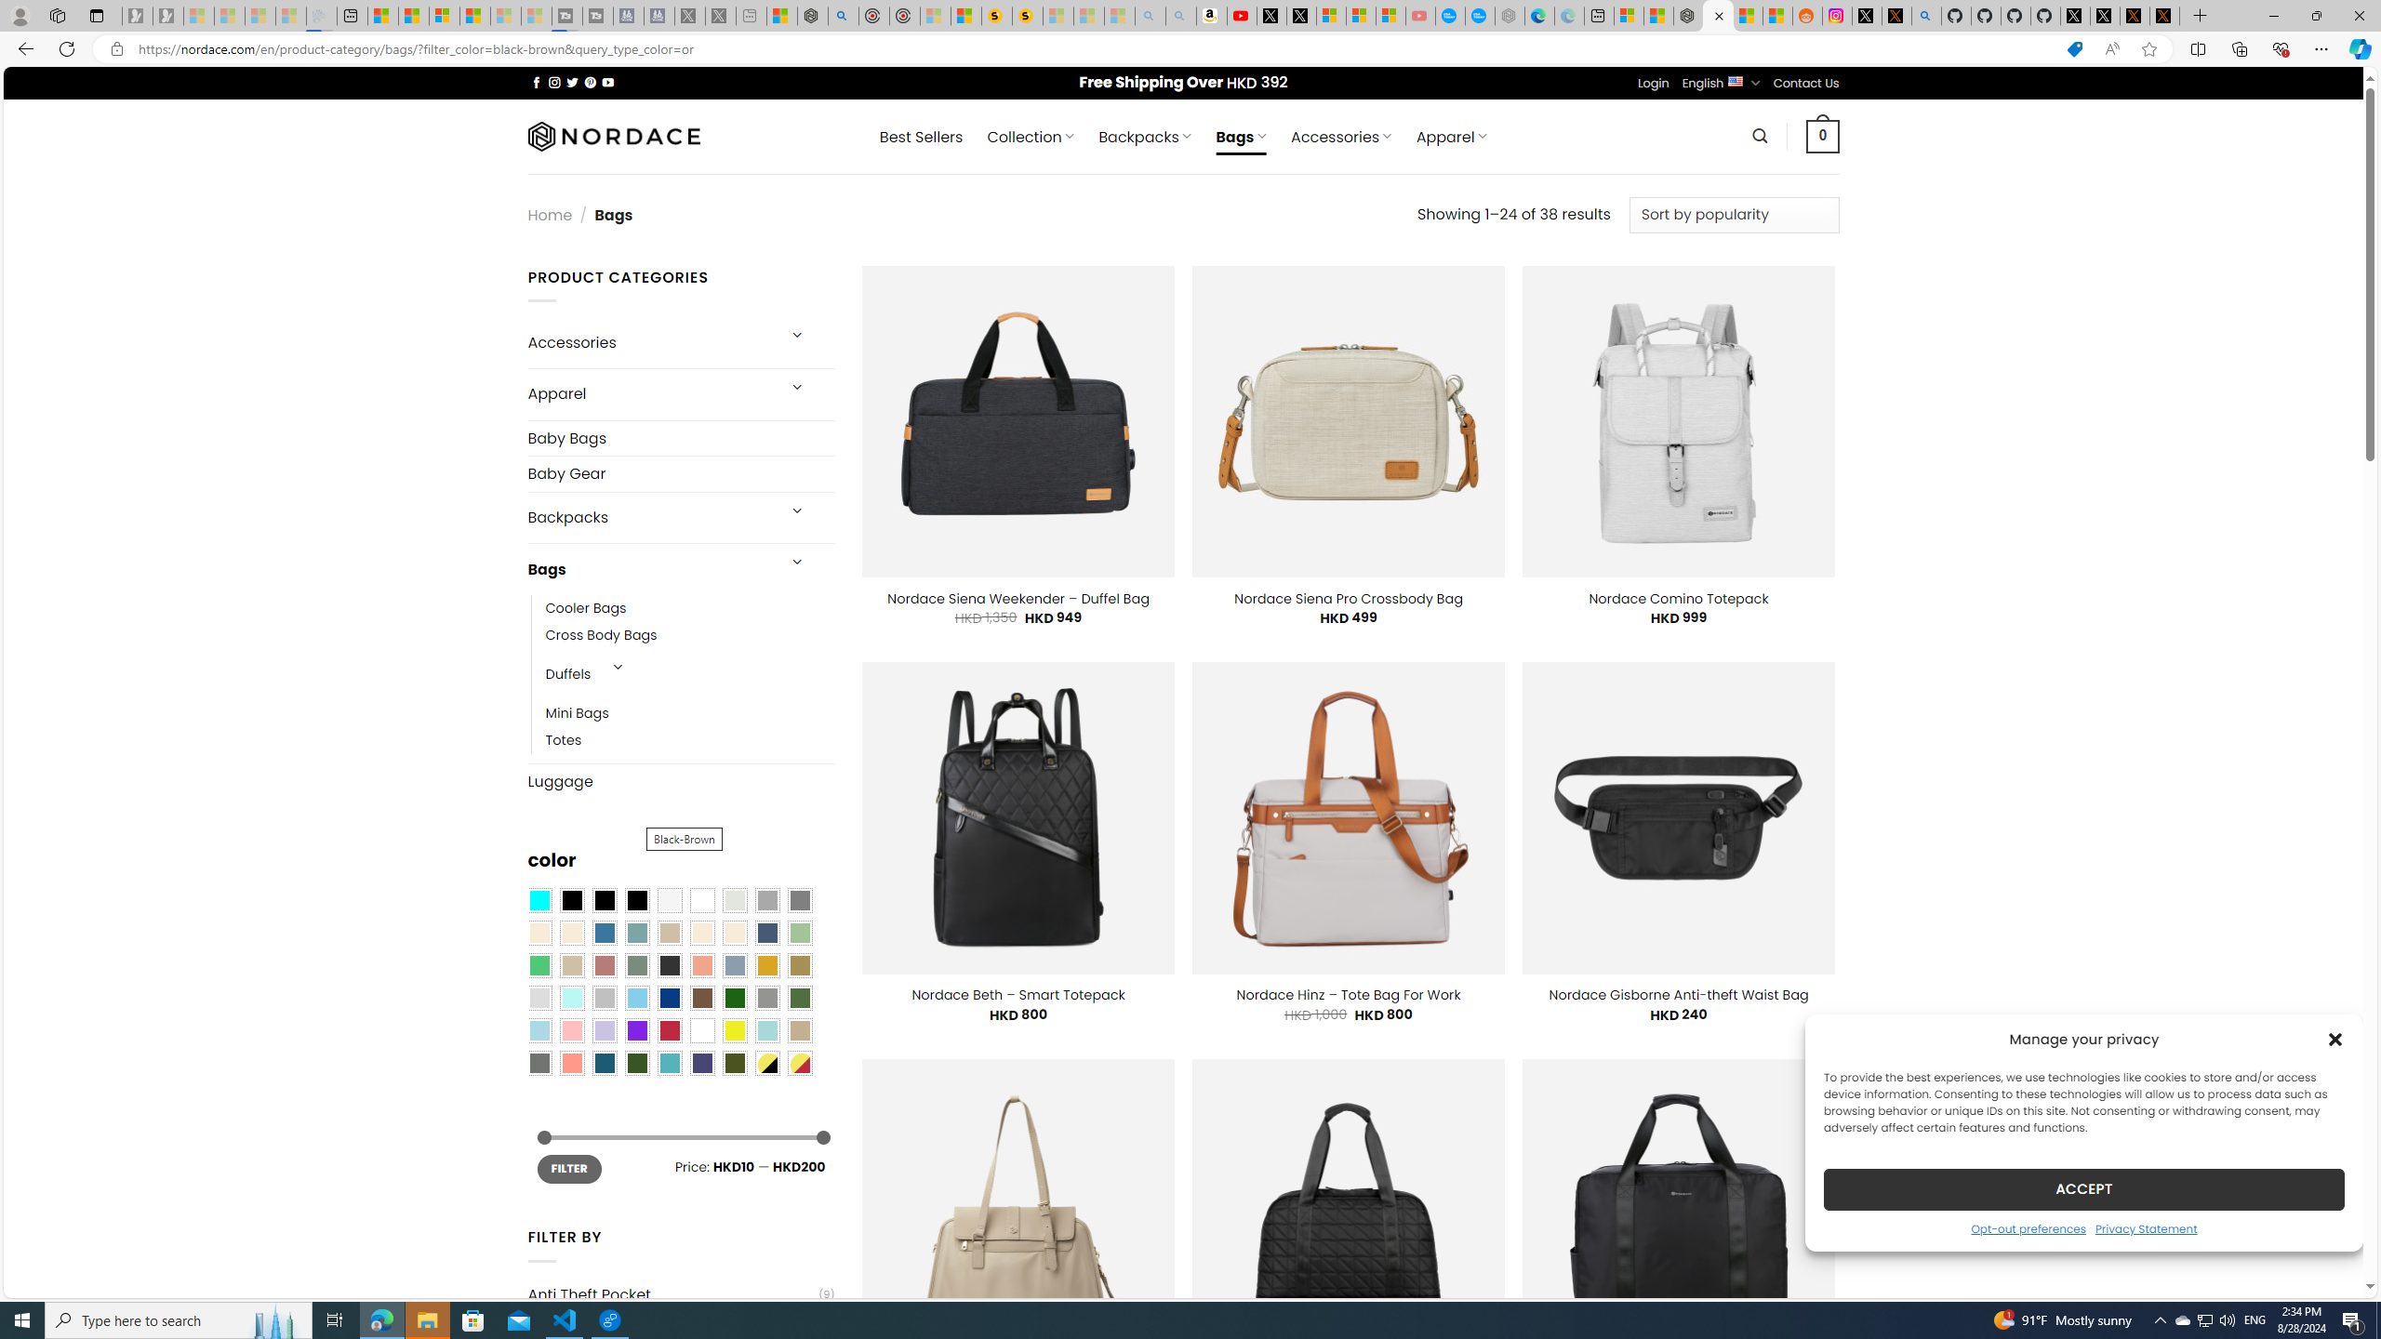 This screenshot has width=2381, height=1339. I want to click on 'Caramel', so click(701, 933).